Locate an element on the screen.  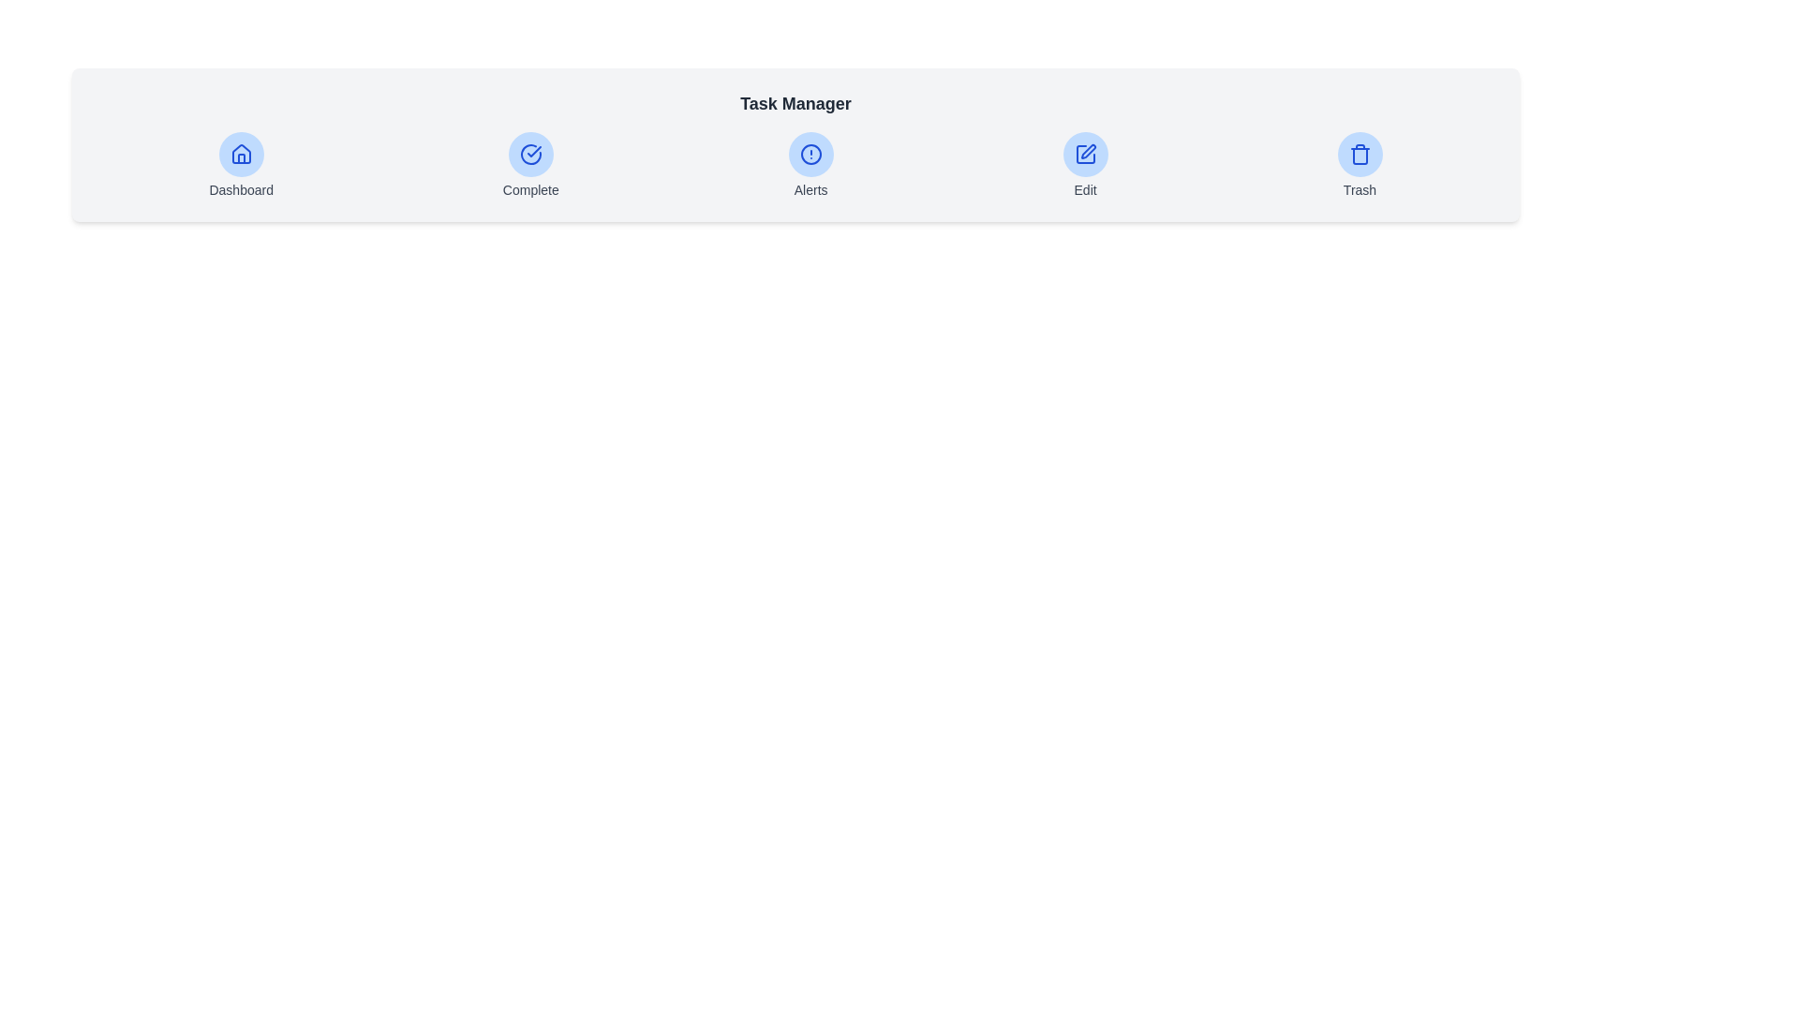
the checkmark inside the circular frame in the navigation bar, which is the second icon from the left labeled 'Complete' is located at coordinates (533, 151).